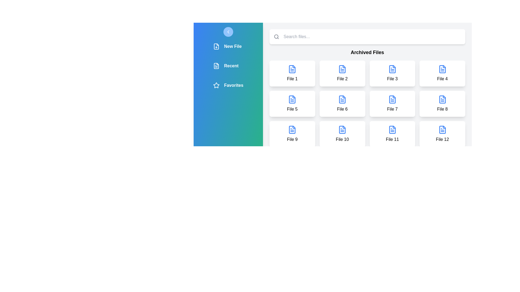  What do you see at coordinates (228, 32) in the screenshot?
I see `the drawer button to toggle the sidebar drawer` at bounding box center [228, 32].